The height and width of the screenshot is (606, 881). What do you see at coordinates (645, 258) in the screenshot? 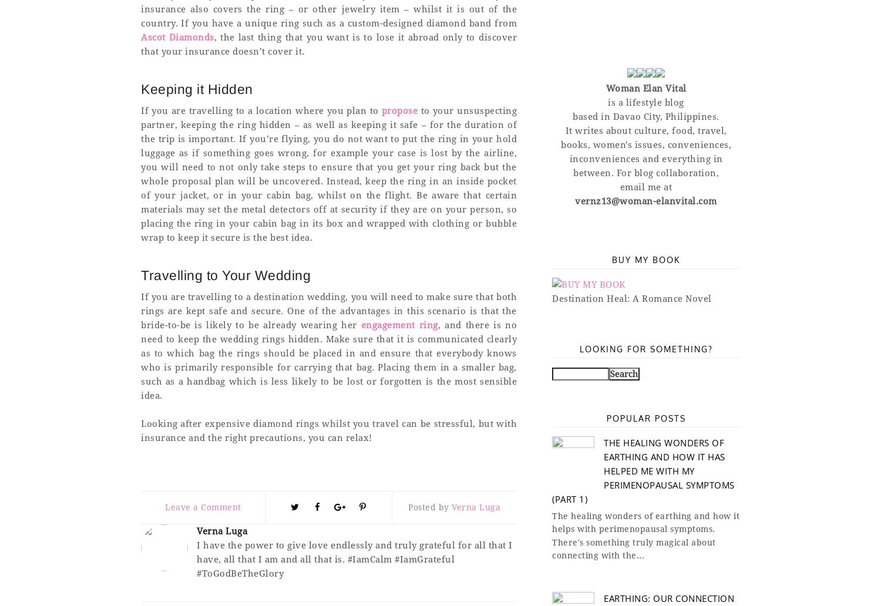
I see `'BUY MY BOOK'` at bounding box center [645, 258].